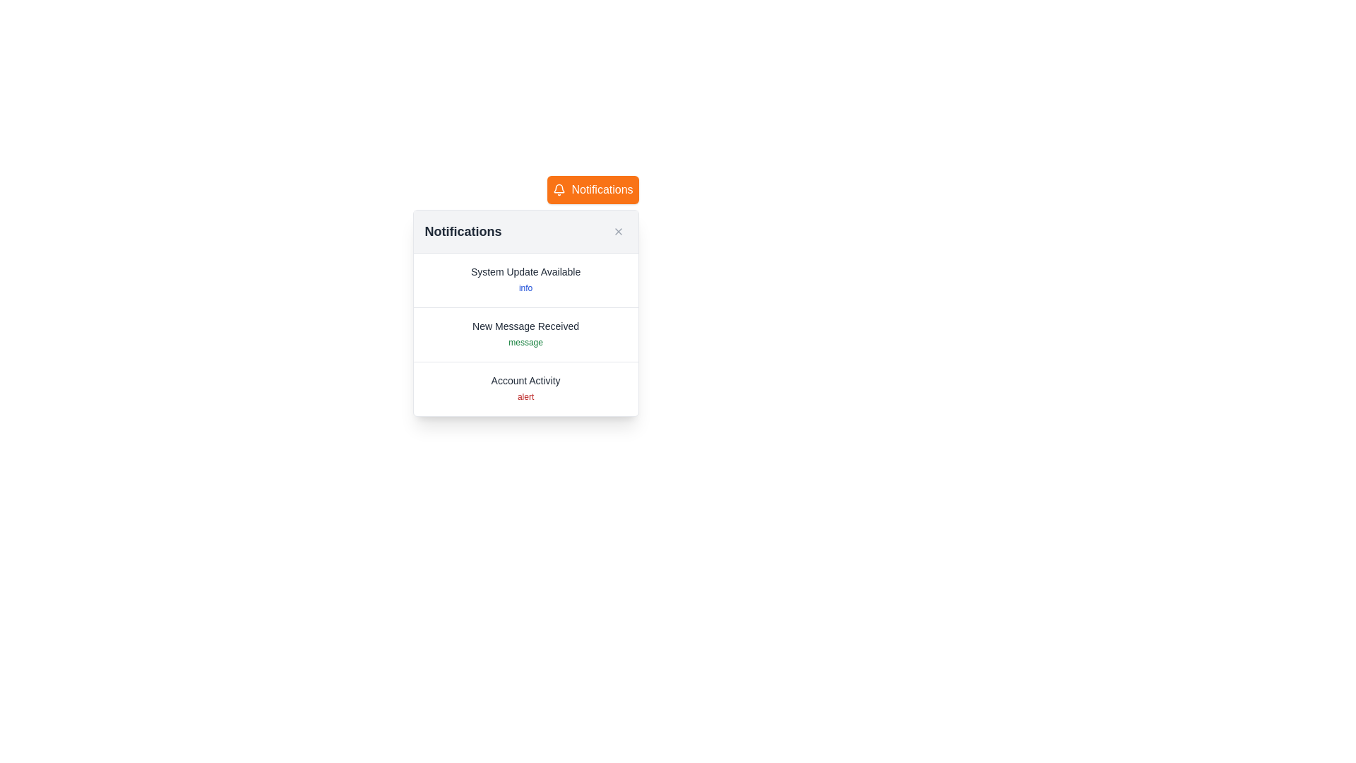 This screenshot has height=763, width=1356. Describe the element at coordinates (525, 272) in the screenshot. I see `the static text label displaying 'System Update Available', which is located at the top of the first notification card` at that location.